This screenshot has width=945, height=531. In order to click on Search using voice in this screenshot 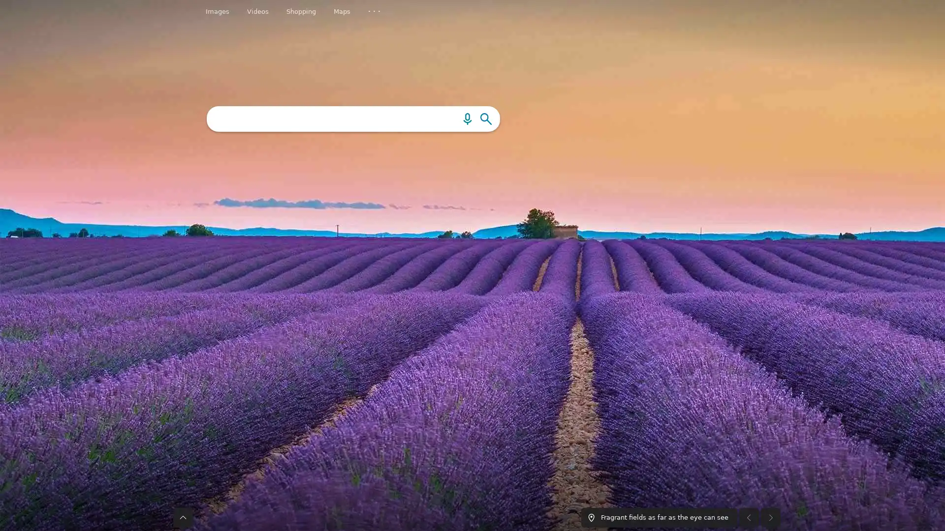, I will do `click(448, 118)`.